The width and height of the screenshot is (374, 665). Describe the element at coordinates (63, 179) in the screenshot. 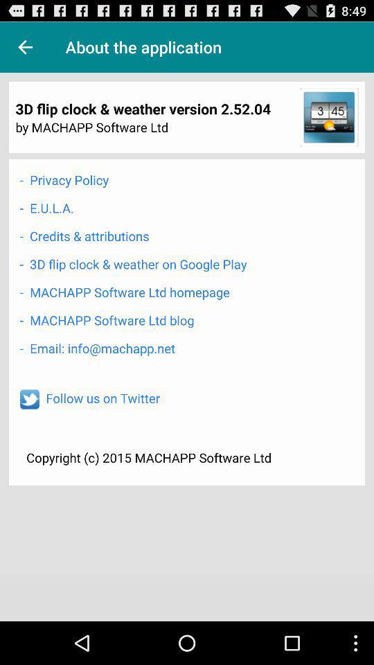

I see `the -  privacy policy item` at that location.